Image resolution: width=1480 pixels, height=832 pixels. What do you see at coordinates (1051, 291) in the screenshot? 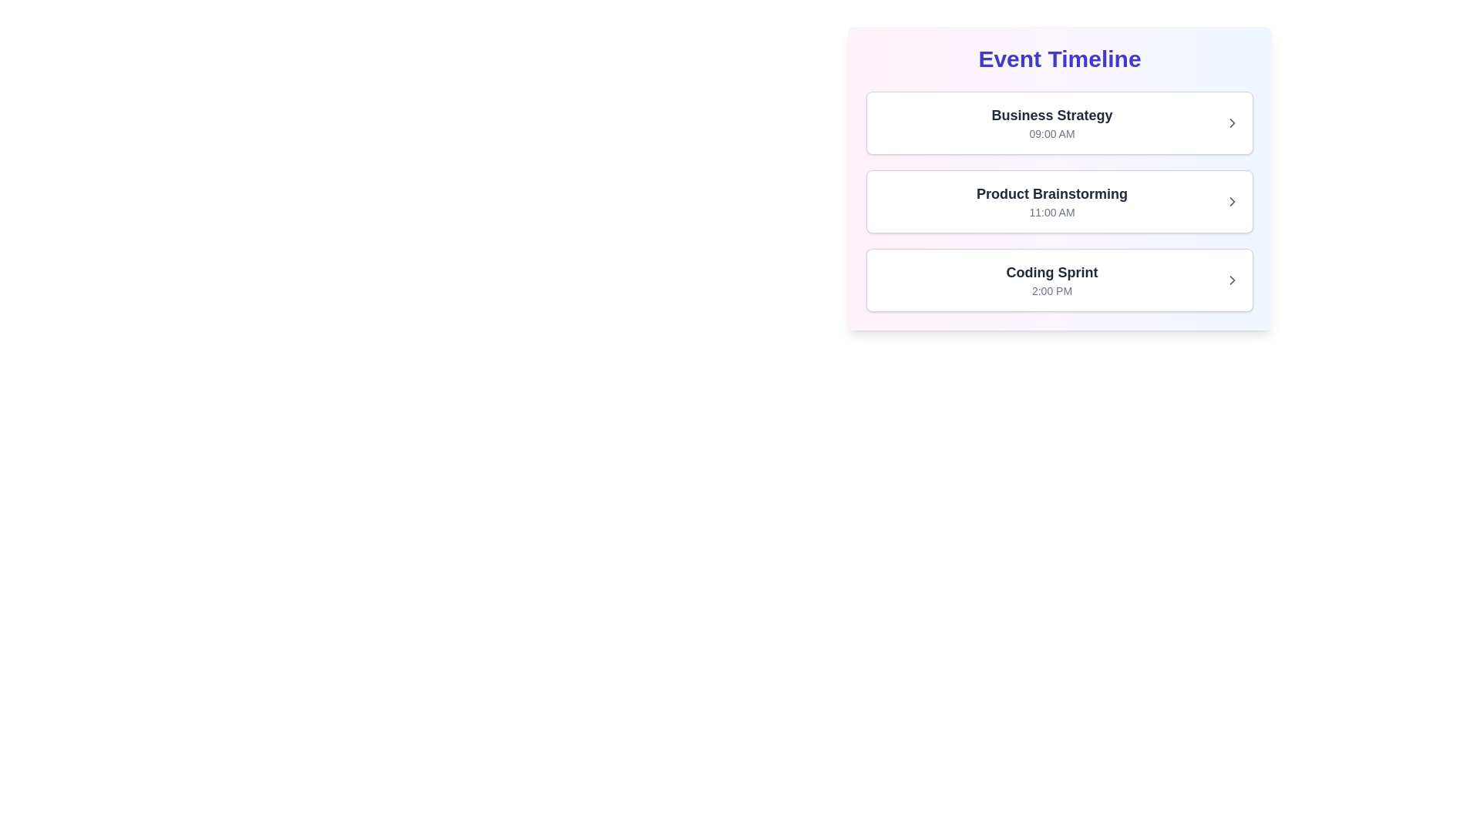
I see `the text label displaying the time for the 'Coding Sprint' event, which is located beneath the title 'Coding Sprint' and to the left of the arrow icon` at bounding box center [1051, 291].